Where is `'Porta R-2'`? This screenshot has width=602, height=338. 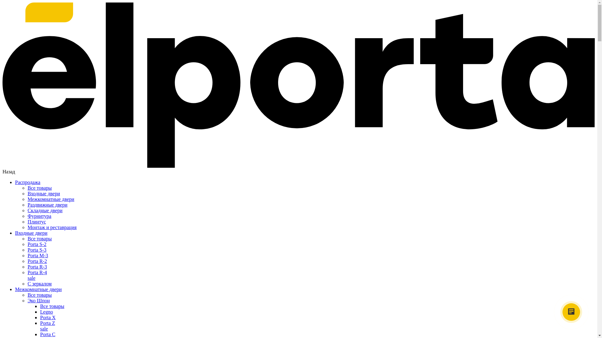 'Porta R-2' is located at coordinates (37, 261).